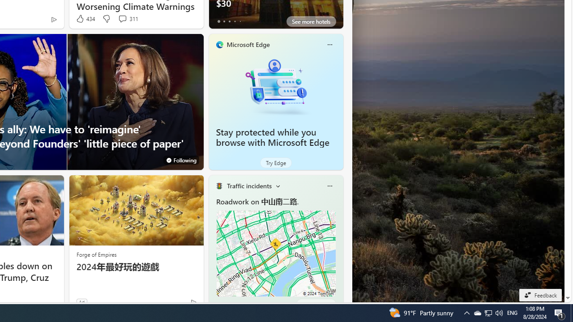 The image size is (573, 322). What do you see at coordinates (180, 159) in the screenshot?
I see `'You'` at bounding box center [180, 159].